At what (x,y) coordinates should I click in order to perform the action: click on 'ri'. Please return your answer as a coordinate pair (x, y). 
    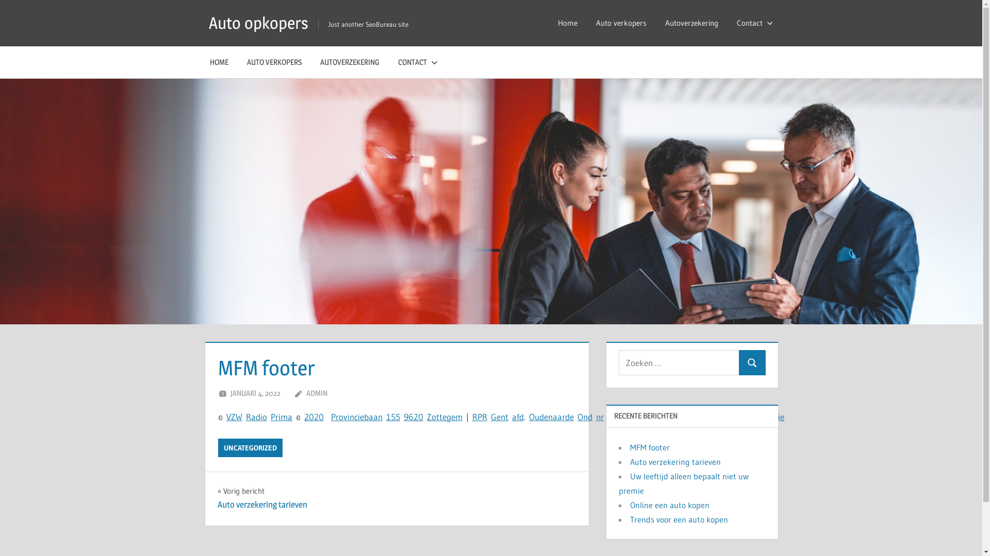
    Looking at the image, I should click on (277, 416).